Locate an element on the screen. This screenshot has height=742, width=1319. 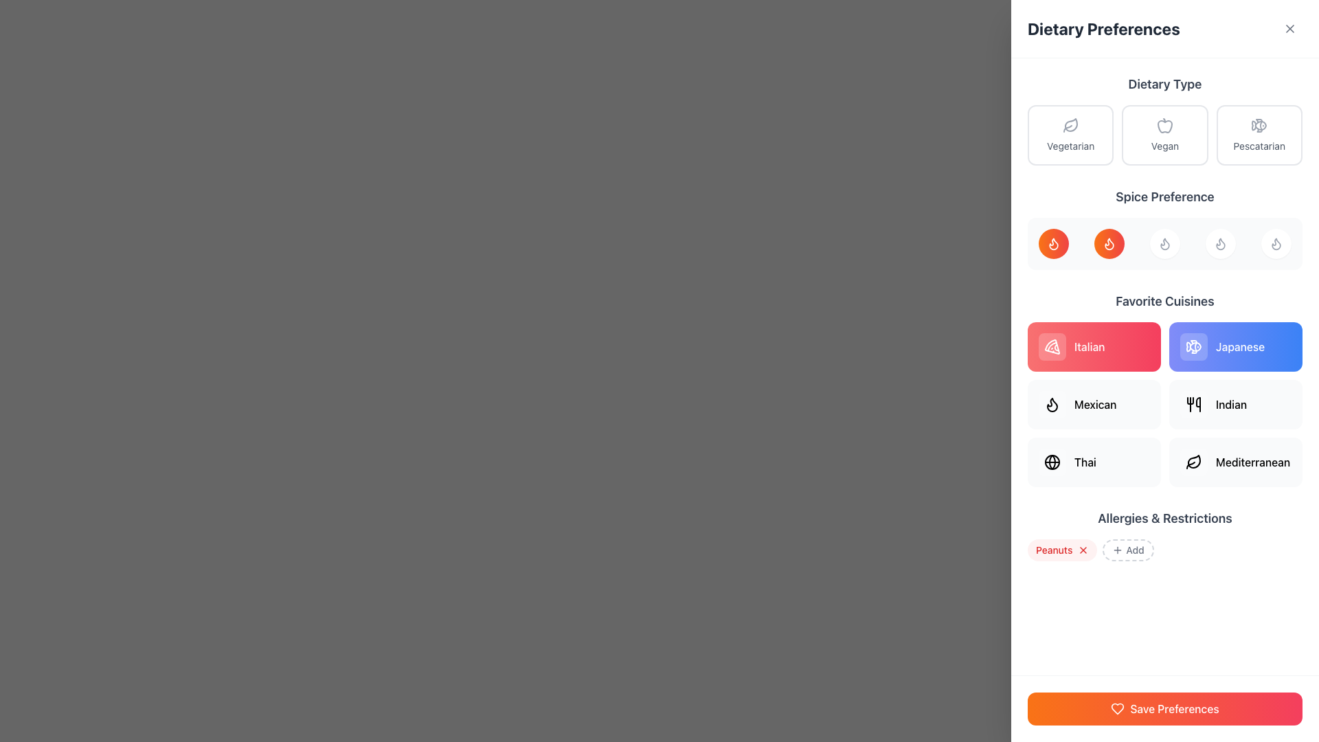
the 'Mexican' text label in the 'Favorite Cuisines' section is located at coordinates (1094, 404).